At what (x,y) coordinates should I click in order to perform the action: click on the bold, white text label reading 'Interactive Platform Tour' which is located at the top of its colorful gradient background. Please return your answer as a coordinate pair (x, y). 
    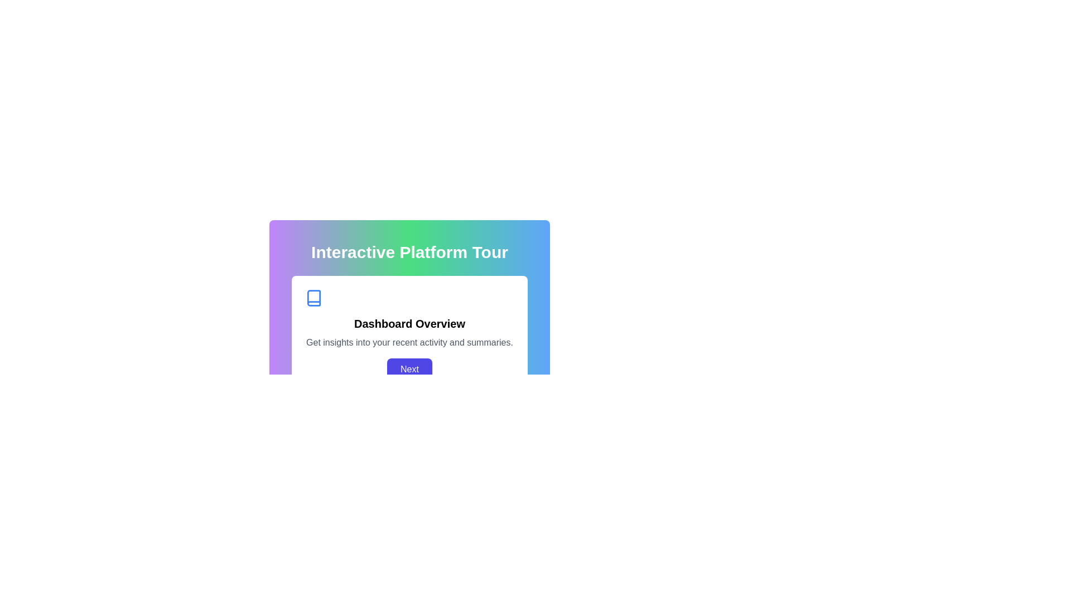
    Looking at the image, I should click on (409, 252).